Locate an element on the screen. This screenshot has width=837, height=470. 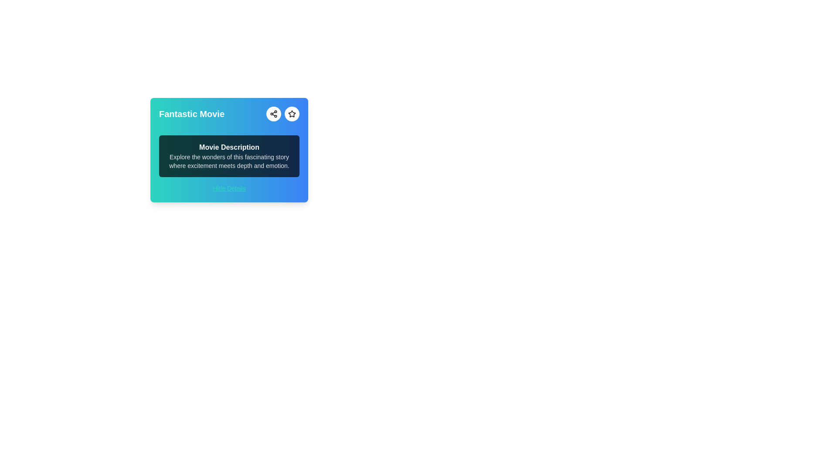
title text element located on the left side of the panel, above the description box, which represents a movie or media title is located at coordinates (191, 114).